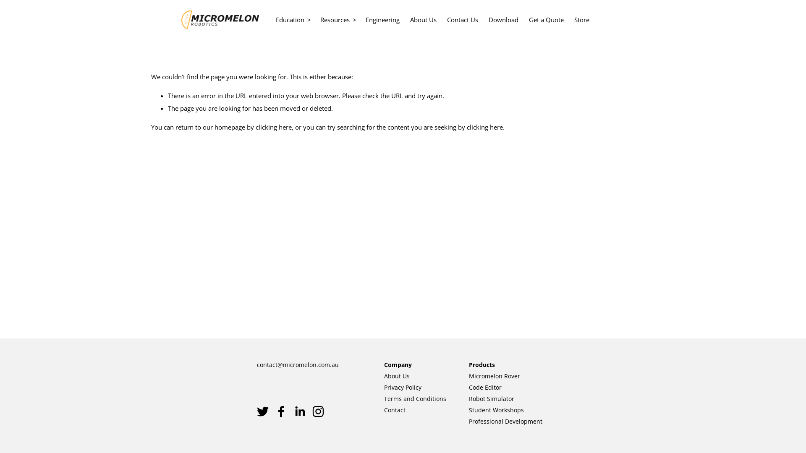  I want to click on 'clicking here', so click(274, 127).